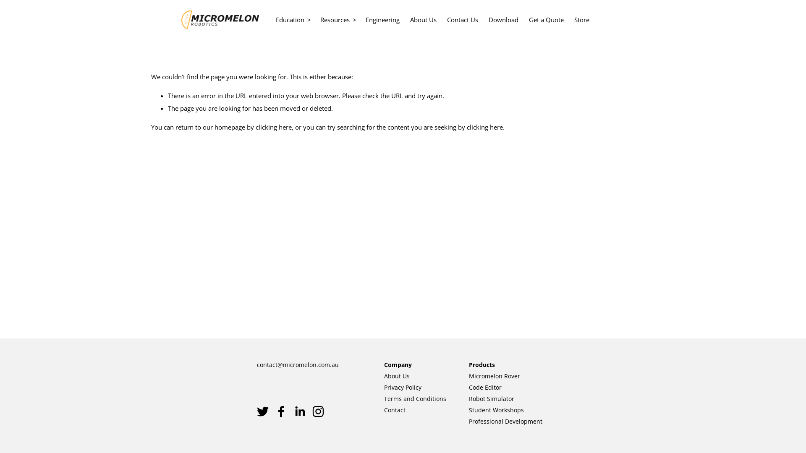  I want to click on 'clicking here', so click(274, 127).